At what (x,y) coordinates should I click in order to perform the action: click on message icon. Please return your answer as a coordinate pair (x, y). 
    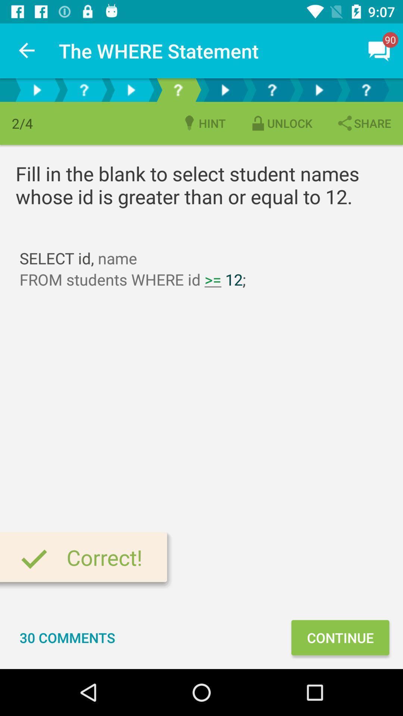
    Looking at the image, I should click on (379, 51).